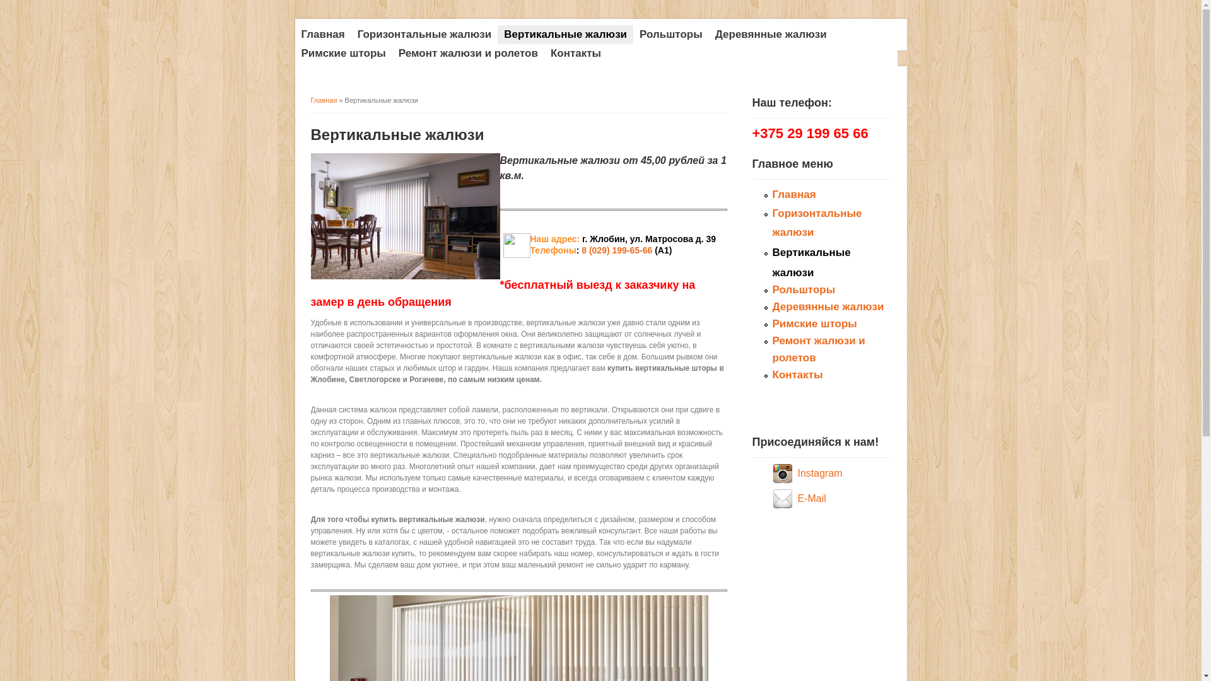  I want to click on ' 8 (029) 199-65-66', so click(615, 250).